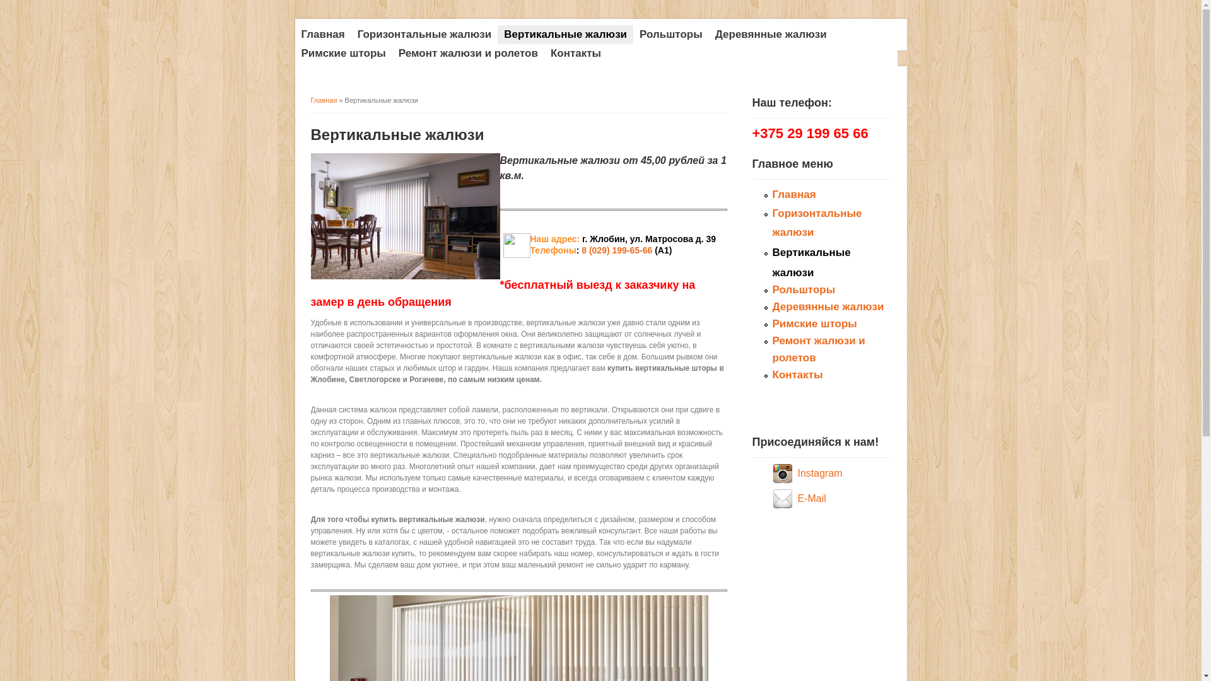  I want to click on ' 8 (029) 199-65-66', so click(615, 250).